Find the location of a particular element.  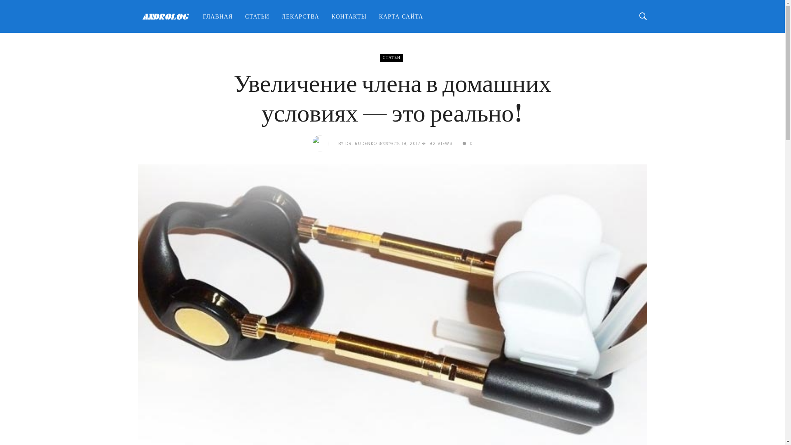

'DR. RUDENKO' is located at coordinates (361, 143).